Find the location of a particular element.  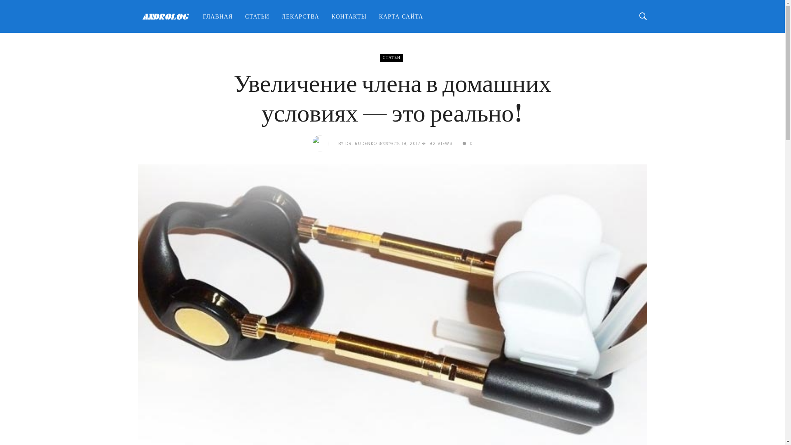

'DR. RUDENKO' is located at coordinates (361, 143).